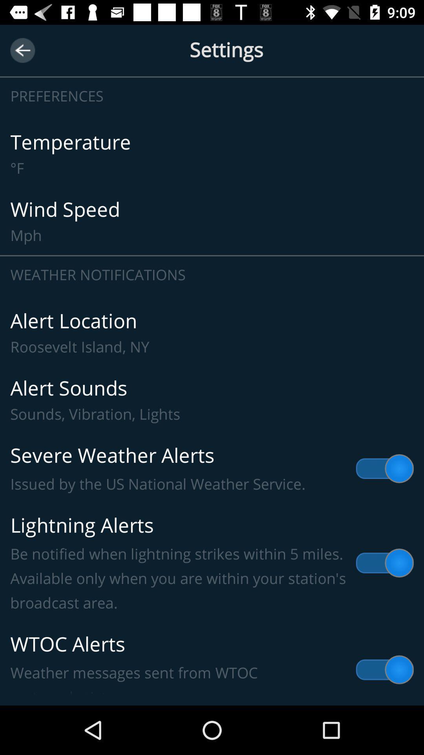 This screenshot has height=755, width=424. What do you see at coordinates (212, 333) in the screenshot?
I see `the icon below the weather notifications` at bounding box center [212, 333].